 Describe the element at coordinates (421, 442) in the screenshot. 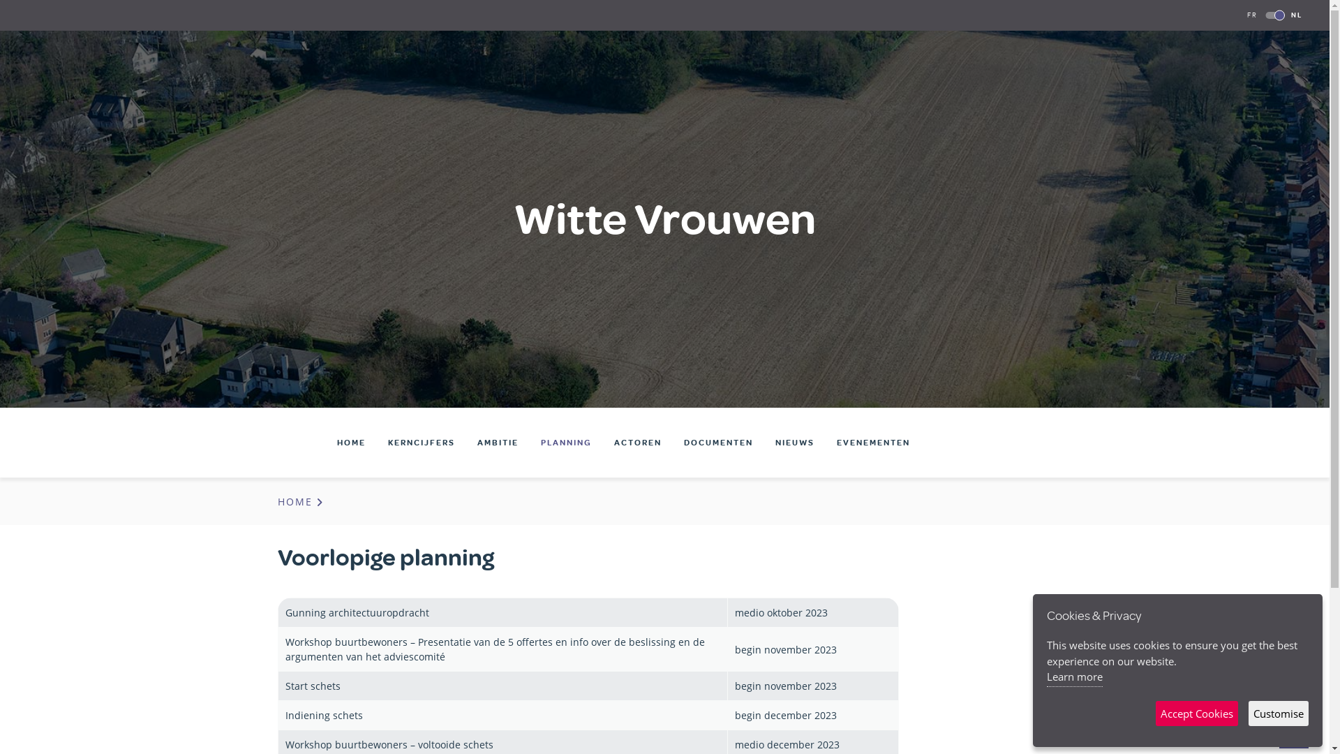

I see `'KERNCIJFERS'` at that location.